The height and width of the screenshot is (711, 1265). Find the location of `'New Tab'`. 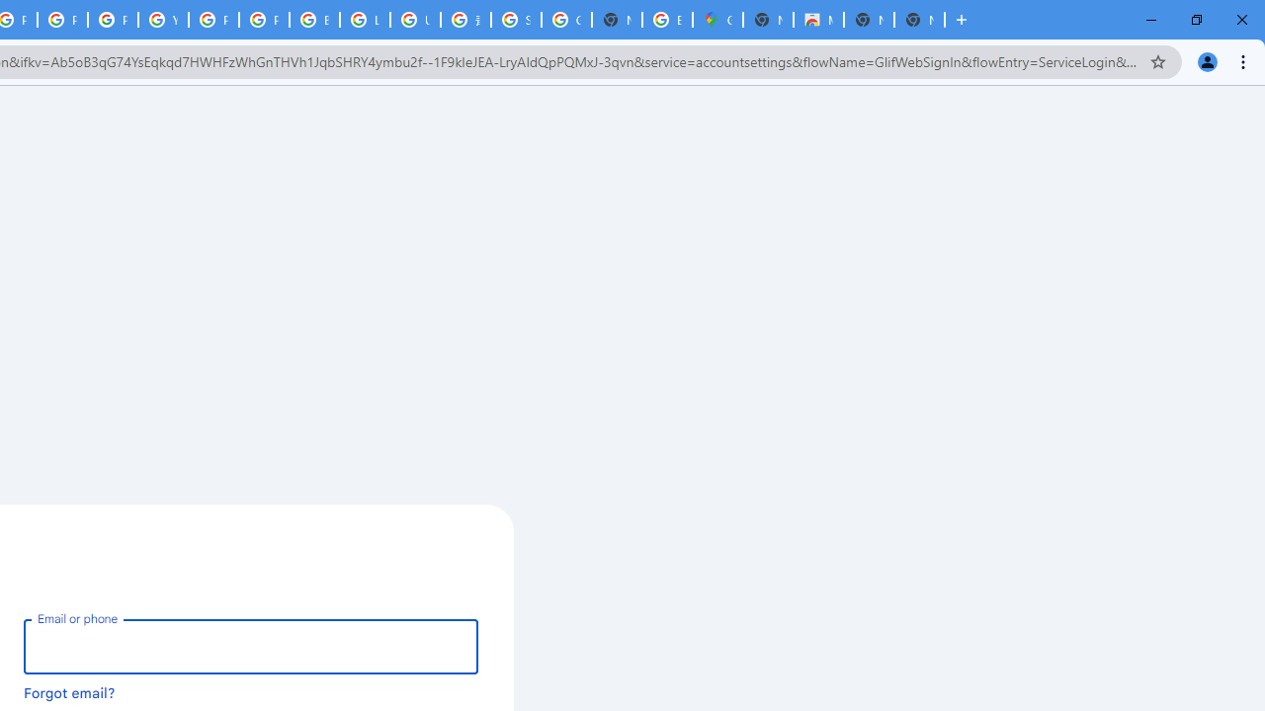

'New Tab' is located at coordinates (961, 20).